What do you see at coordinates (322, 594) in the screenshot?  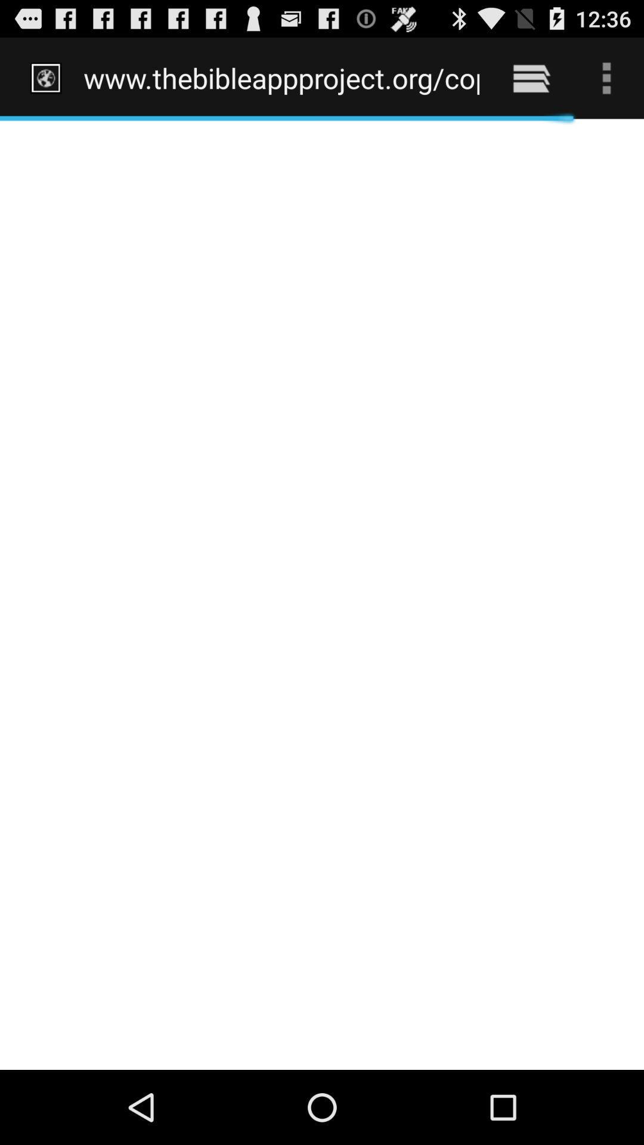 I see `the icon at the center` at bounding box center [322, 594].